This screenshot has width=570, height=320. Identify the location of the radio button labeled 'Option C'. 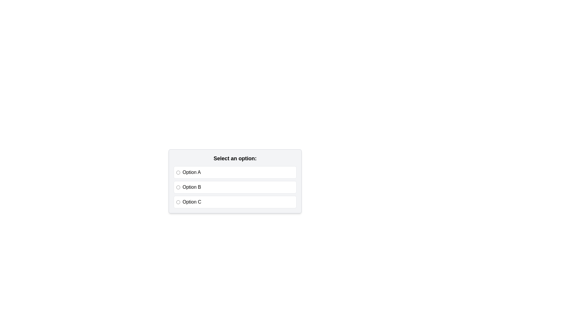
(178, 202).